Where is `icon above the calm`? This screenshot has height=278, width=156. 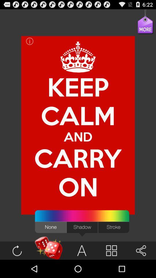 icon above the calm is located at coordinates (78, 57).